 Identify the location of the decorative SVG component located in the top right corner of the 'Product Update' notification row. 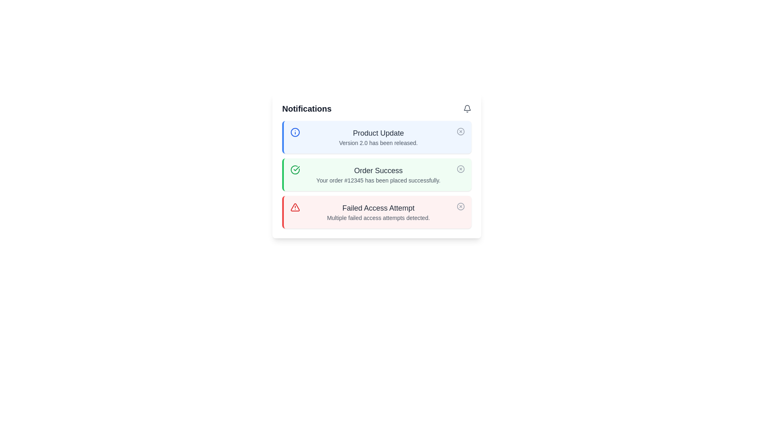
(460, 131).